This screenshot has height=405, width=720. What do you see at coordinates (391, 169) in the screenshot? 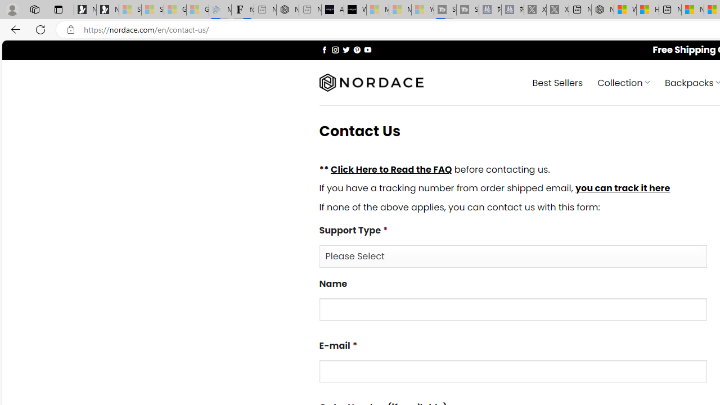
I see `'Click Here to Read the FAQ'` at bounding box center [391, 169].